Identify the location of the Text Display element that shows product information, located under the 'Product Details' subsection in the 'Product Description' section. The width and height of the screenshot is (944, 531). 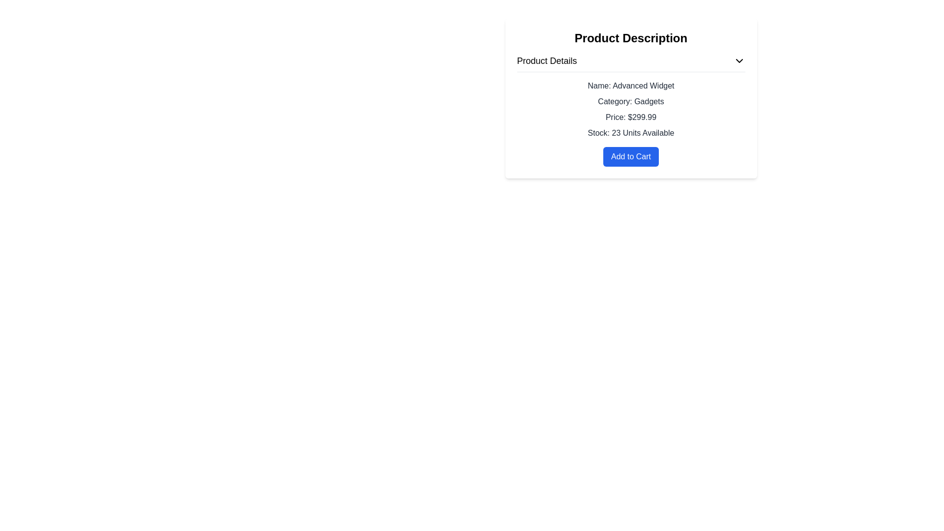
(631, 110).